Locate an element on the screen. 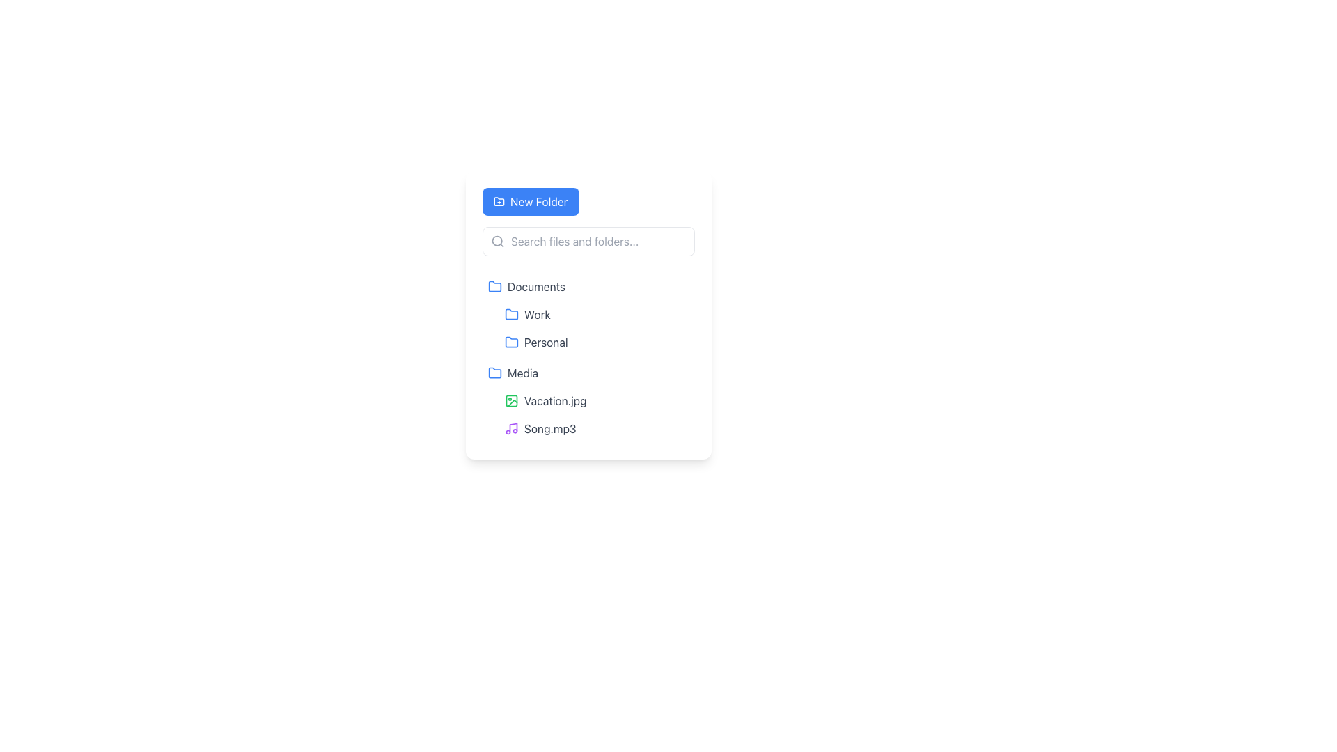 The height and width of the screenshot is (752, 1337). the blue button containing the SVG icon of a folder with a '+' symbol, located to the left of the 'New Folder' text is located at coordinates (499, 201).